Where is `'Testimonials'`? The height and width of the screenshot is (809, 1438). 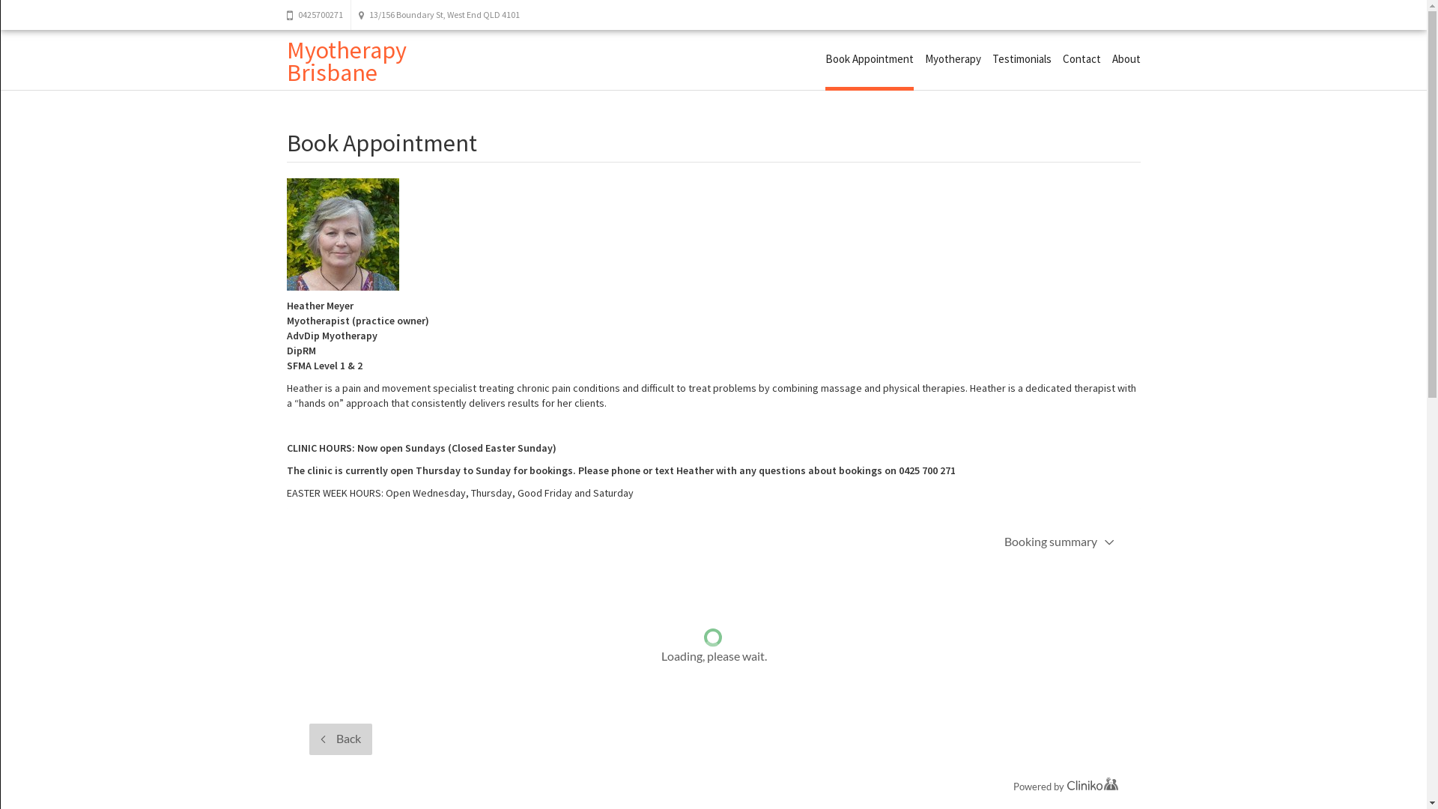 'Testimonials' is located at coordinates (1020, 58).